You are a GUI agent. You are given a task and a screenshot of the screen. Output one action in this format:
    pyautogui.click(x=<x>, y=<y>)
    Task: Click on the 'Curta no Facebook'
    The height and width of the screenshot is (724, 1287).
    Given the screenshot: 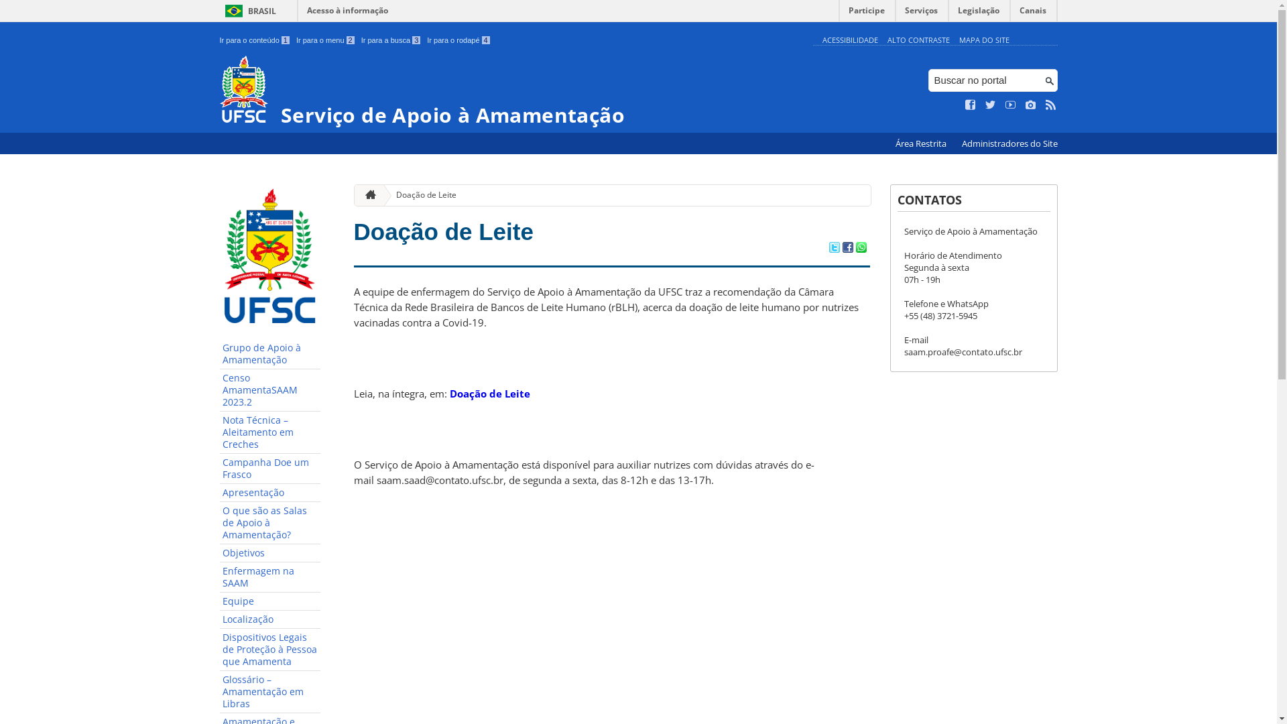 What is the action you would take?
    pyautogui.click(x=971, y=105)
    